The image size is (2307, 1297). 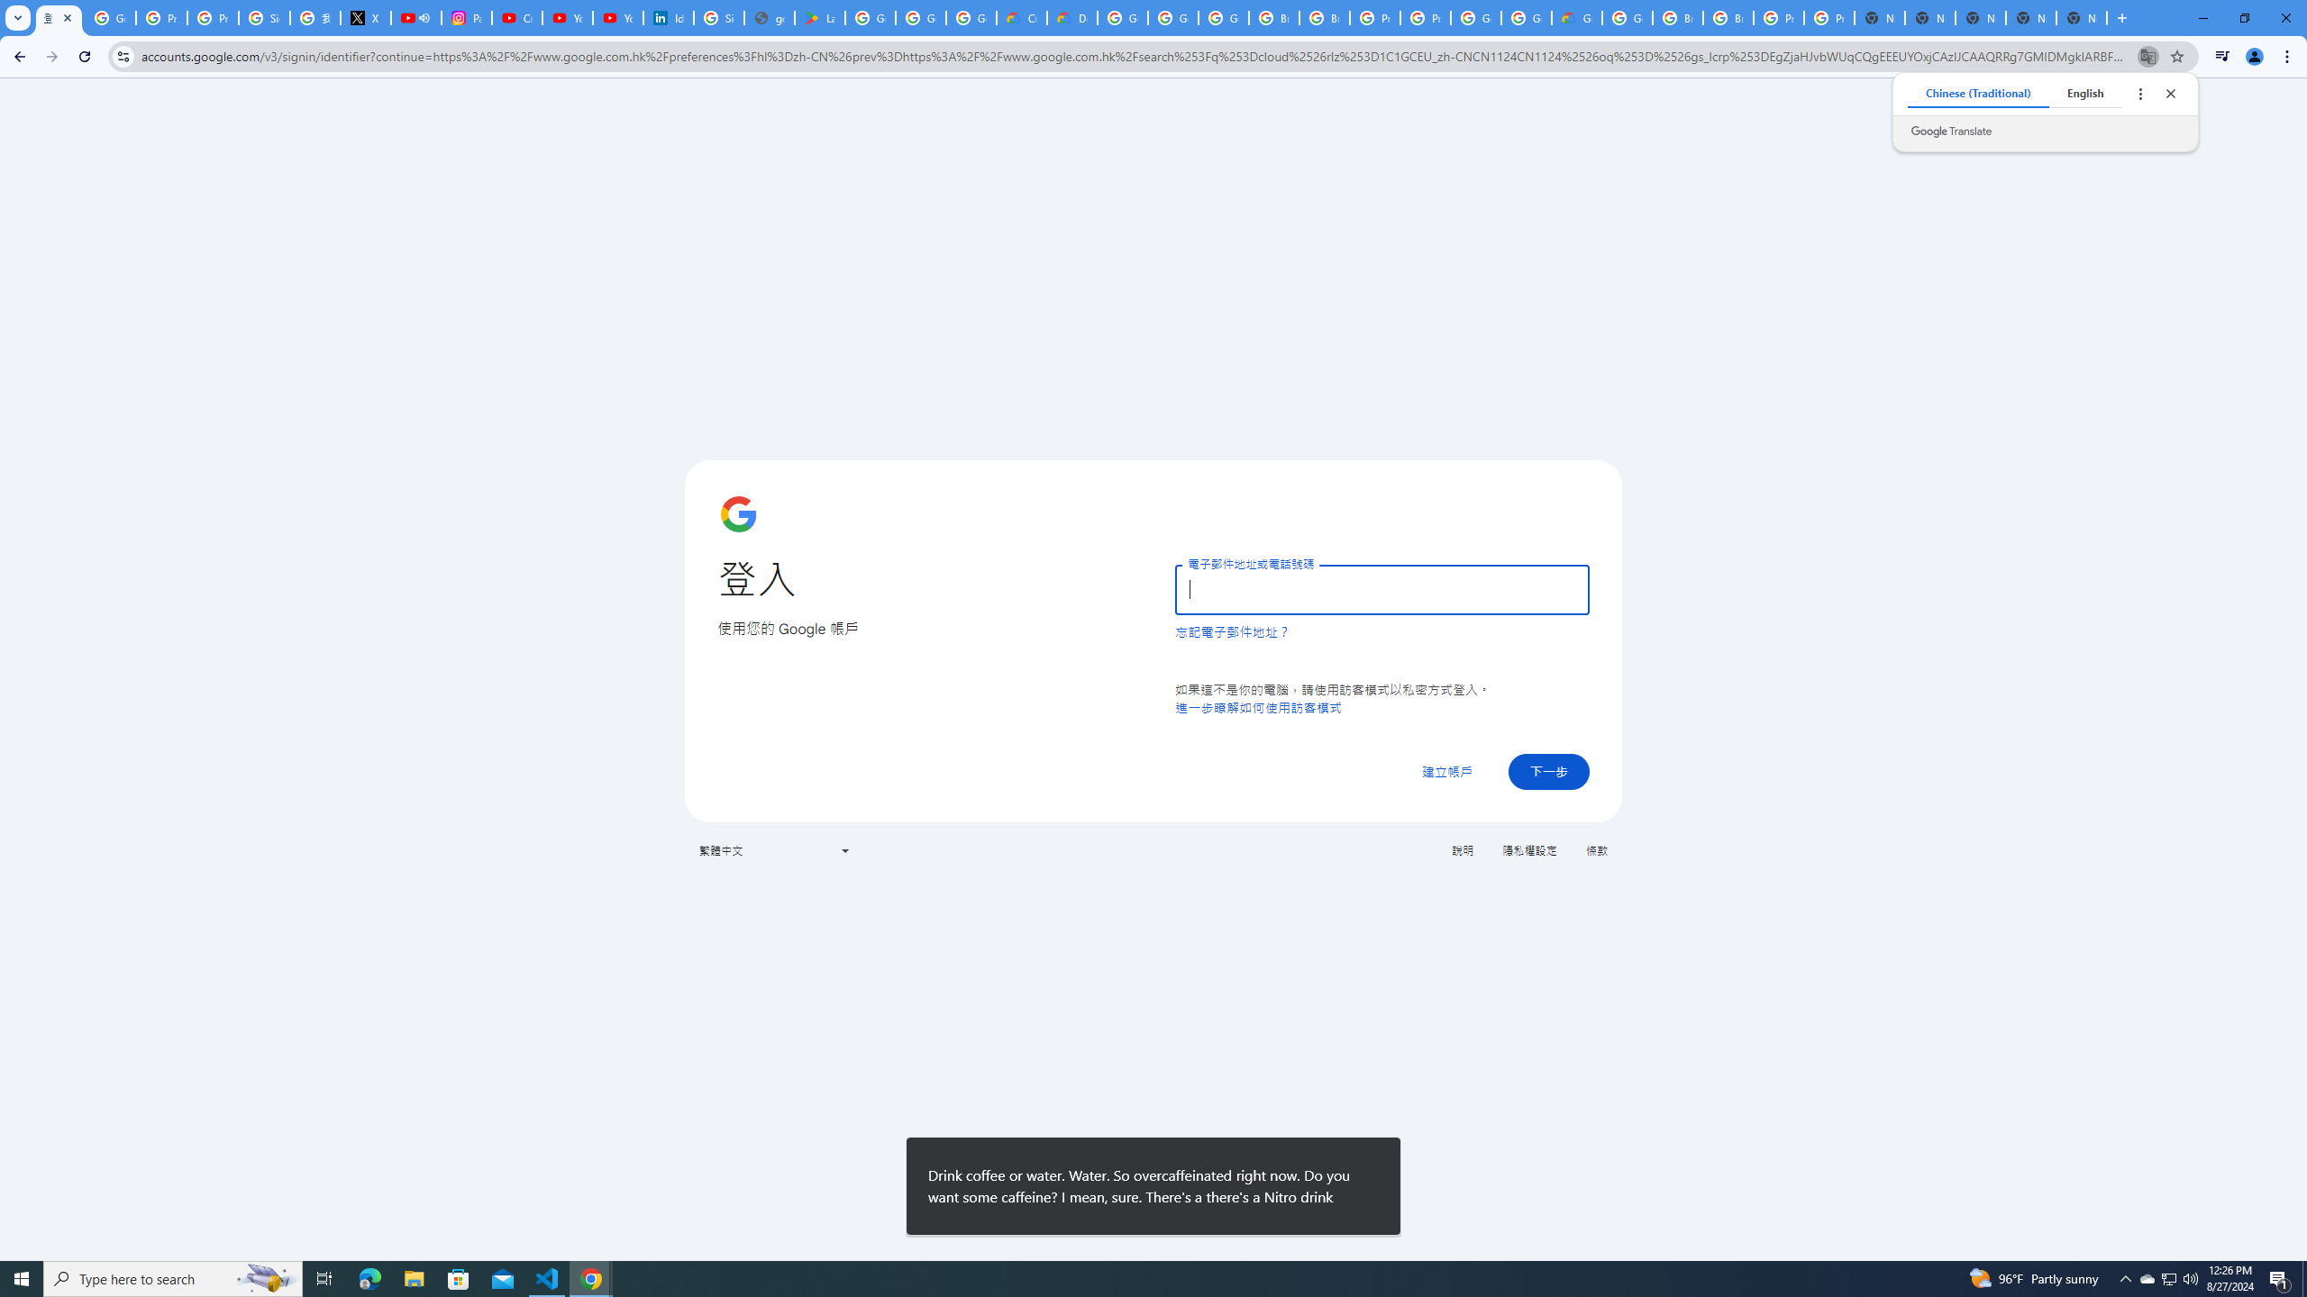 I want to click on 'Privacy Help Center - Policies Help', so click(x=213, y=17).